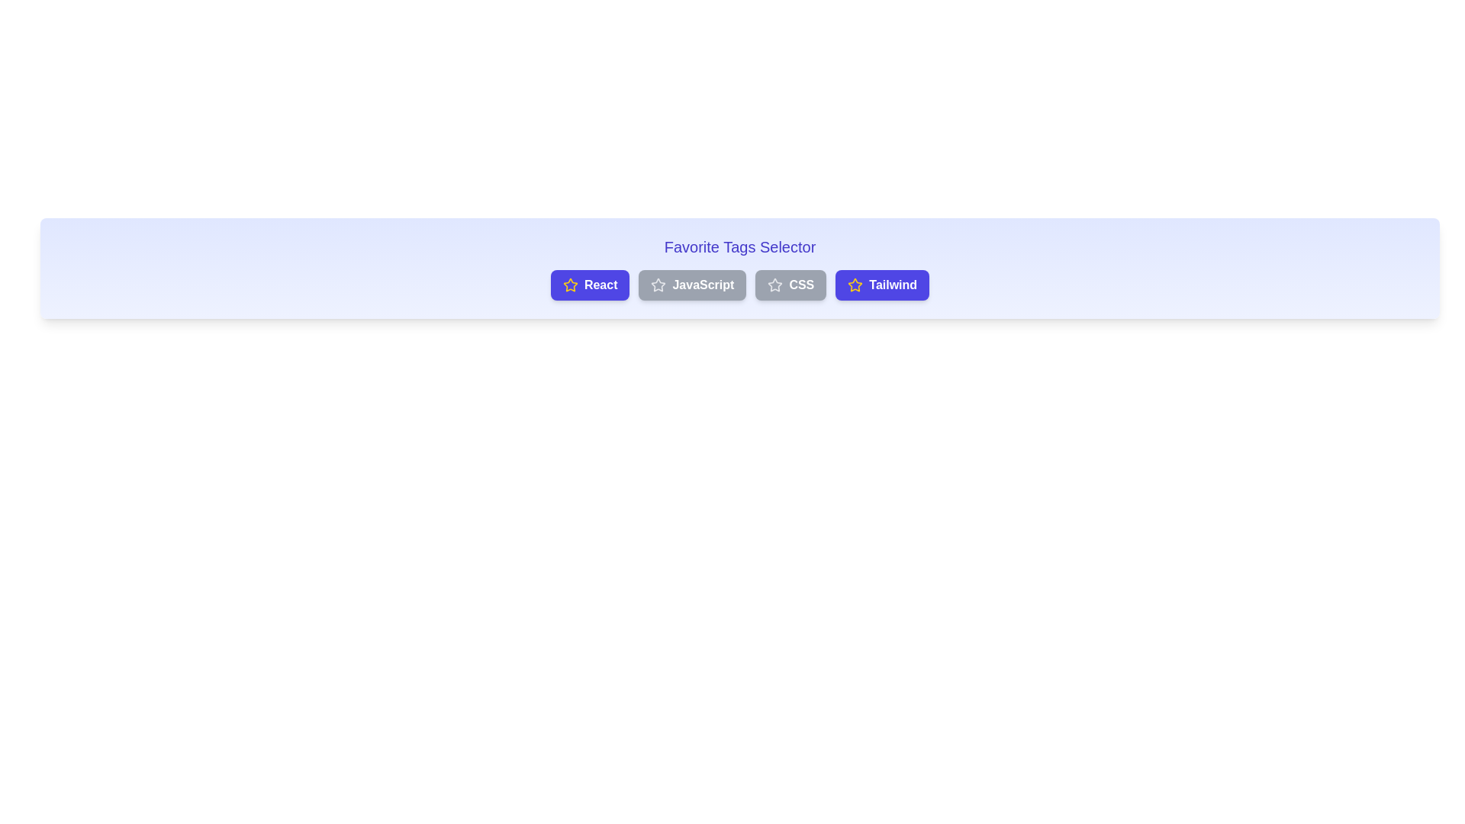  Describe the element at coordinates (855, 285) in the screenshot. I see `the star icon of the Tailwind button` at that location.